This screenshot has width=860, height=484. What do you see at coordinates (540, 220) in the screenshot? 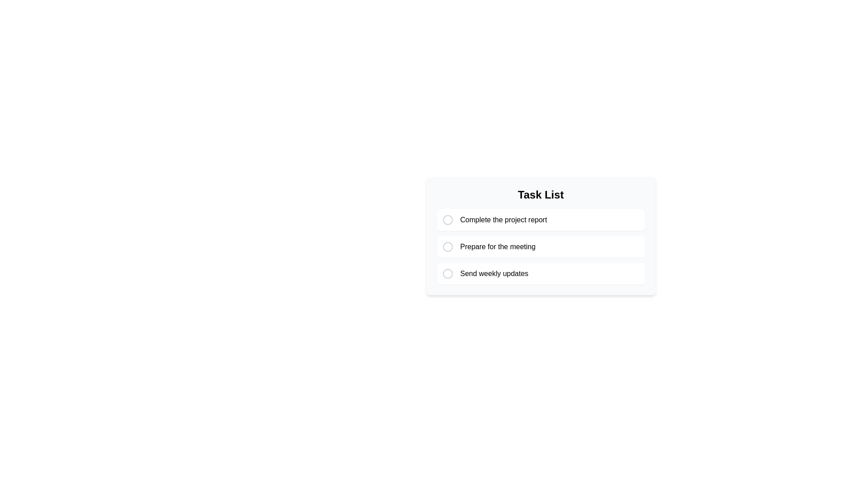
I see `the task item labeled 'Complete the project report'` at bounding box center [540, 220].